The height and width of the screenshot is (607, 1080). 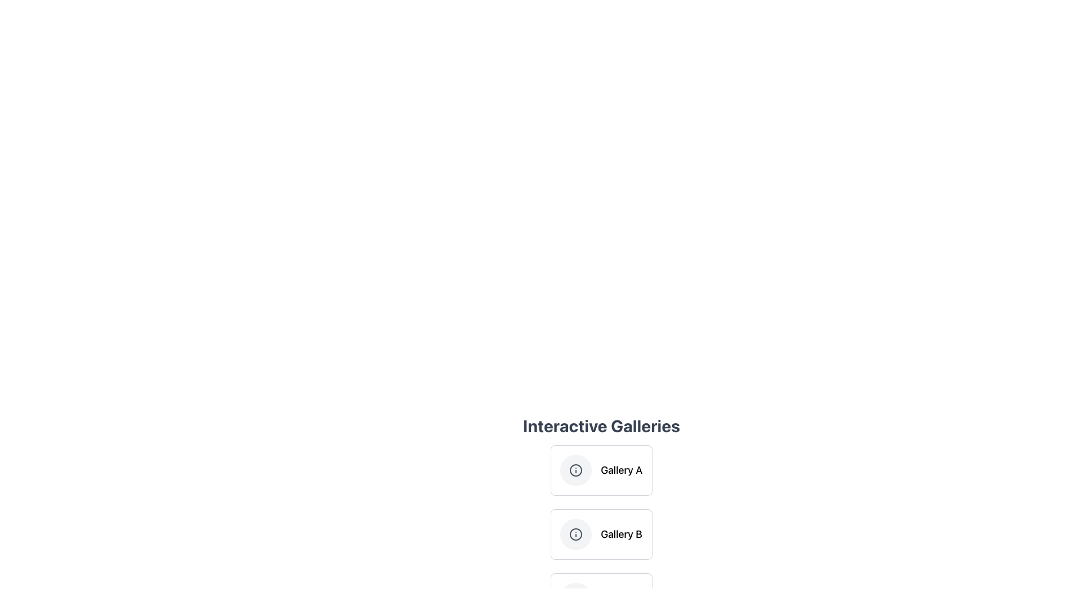 I want to click on the informational icon located above the label 'Gallery B' and below the title 'Interactive Galleries', so click(x=575, y=470).